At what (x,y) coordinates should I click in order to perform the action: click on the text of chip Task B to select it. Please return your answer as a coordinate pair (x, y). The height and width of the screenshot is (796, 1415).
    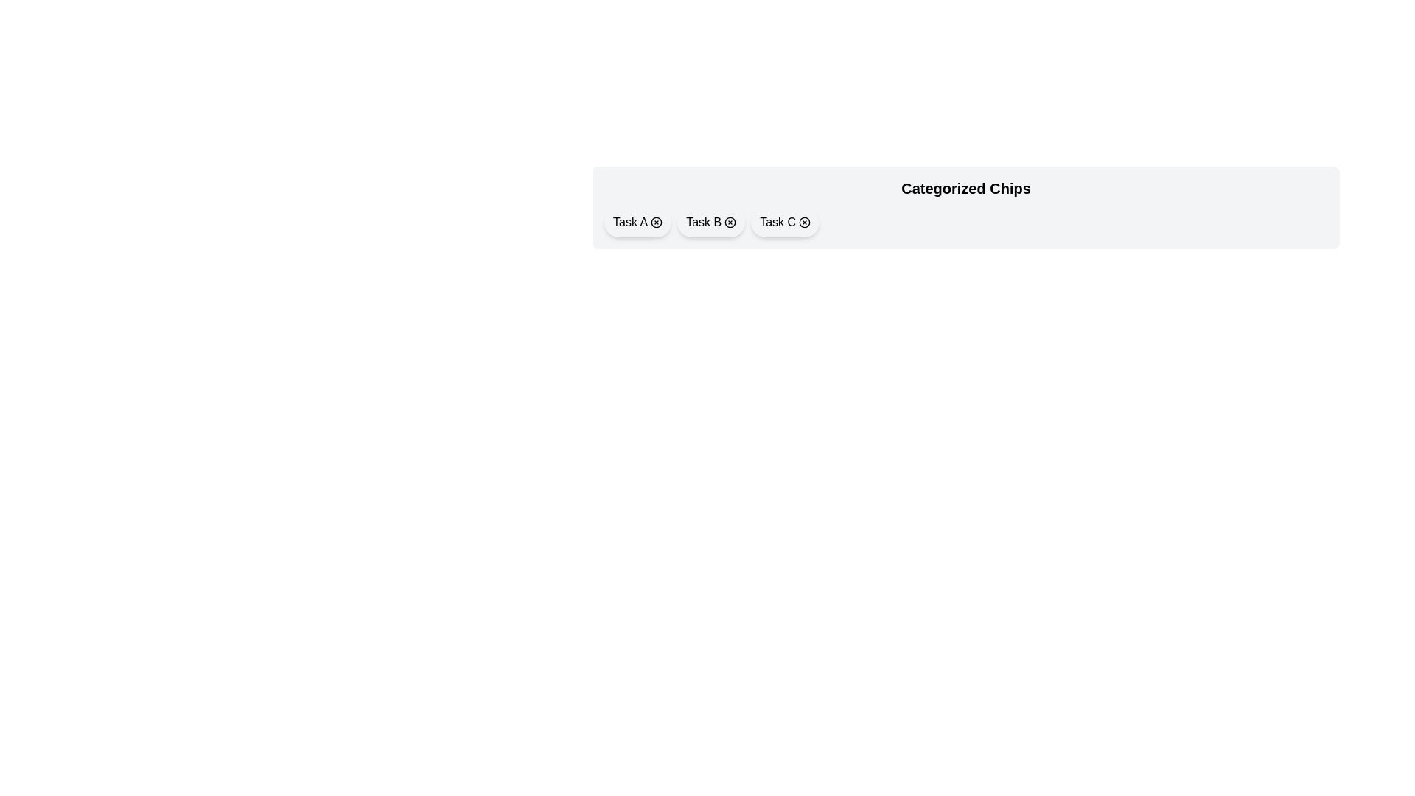
    Looking at the image, I should click on (703, 222).